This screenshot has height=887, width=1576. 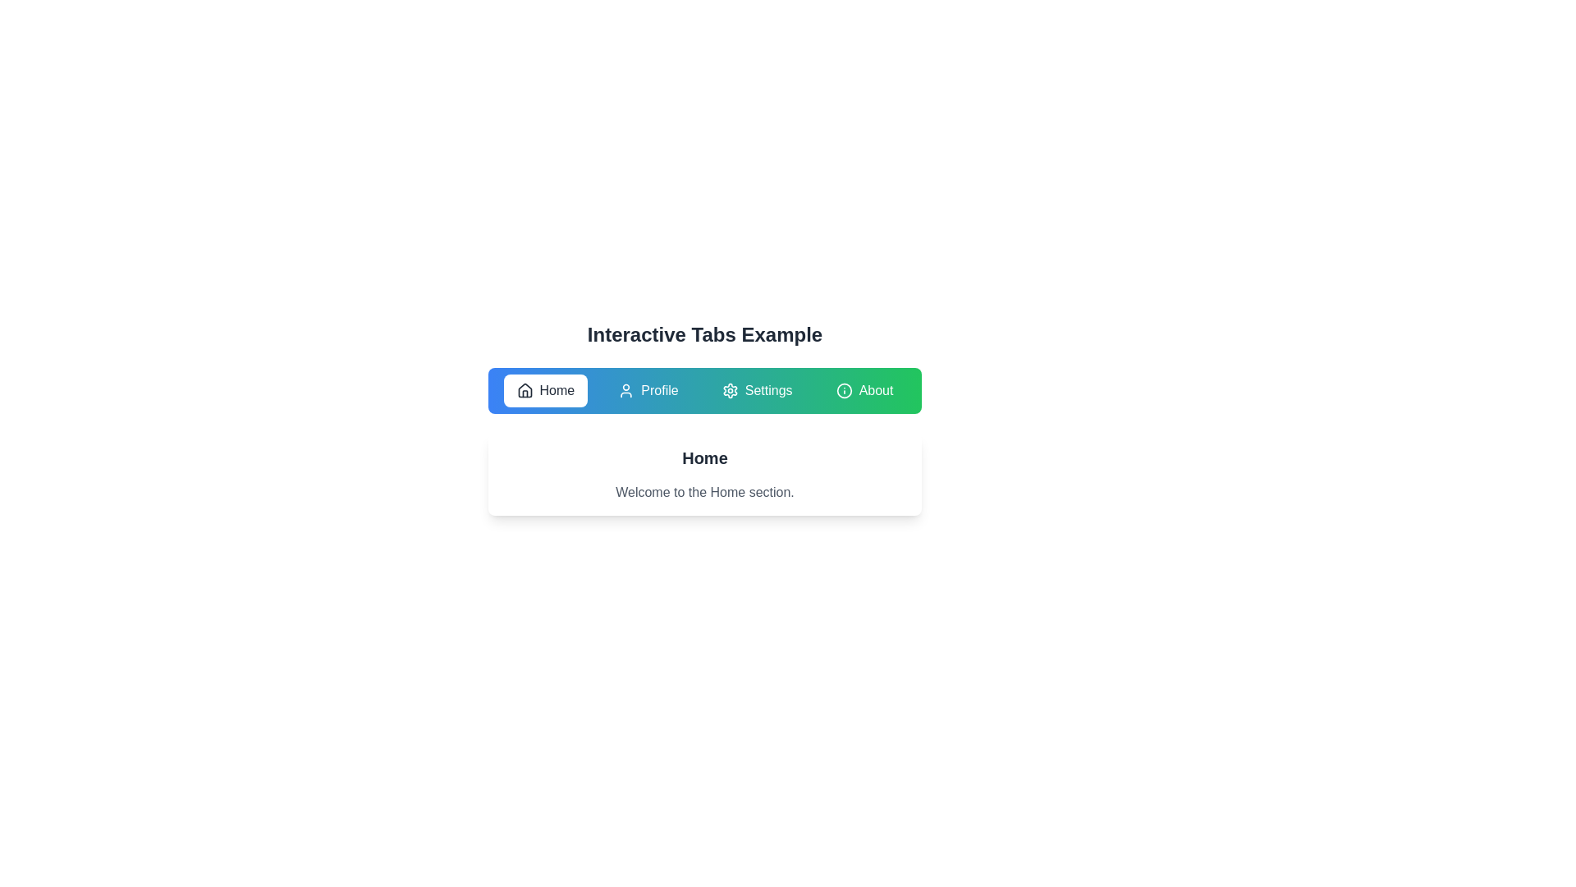 What do you see at coordinates (647, 390) in the screenshot?
I see `the tab labeled Profile to observe its hover effect` at bounding box center [647, 390].